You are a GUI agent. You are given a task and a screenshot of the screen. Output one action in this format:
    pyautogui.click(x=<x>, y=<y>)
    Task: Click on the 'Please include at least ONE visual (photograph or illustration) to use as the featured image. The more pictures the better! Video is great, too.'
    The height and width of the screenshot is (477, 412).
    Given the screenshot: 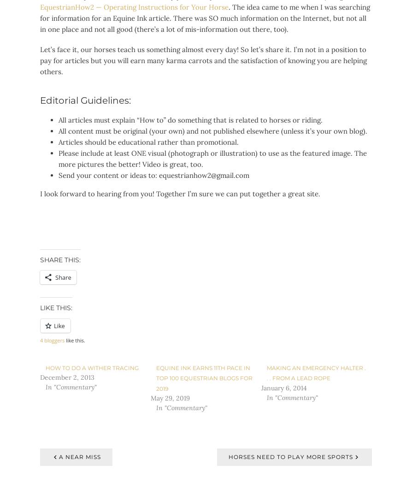 What is the action you would take?
    pyautogui.click(x=59, y=159)
    